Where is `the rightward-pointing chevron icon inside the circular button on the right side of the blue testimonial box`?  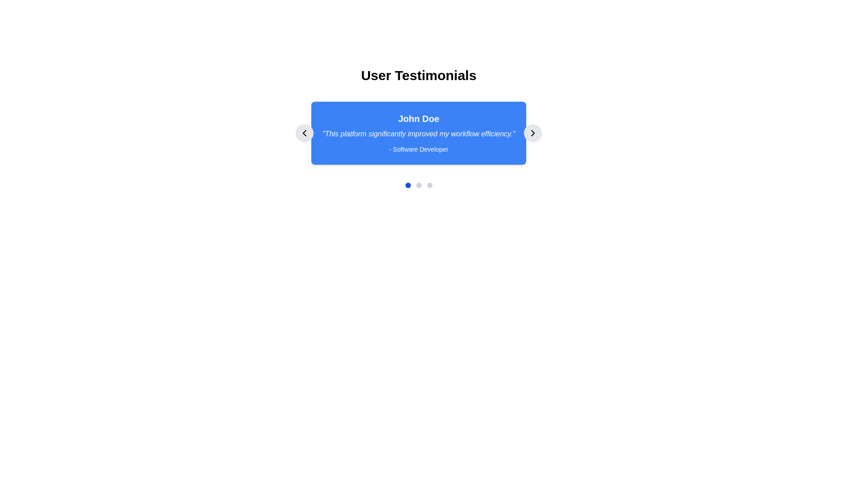
the rightward-pointing chevron icon inside the circular button on the right side of the blue testimonial box is located at coordinates (533, 133).